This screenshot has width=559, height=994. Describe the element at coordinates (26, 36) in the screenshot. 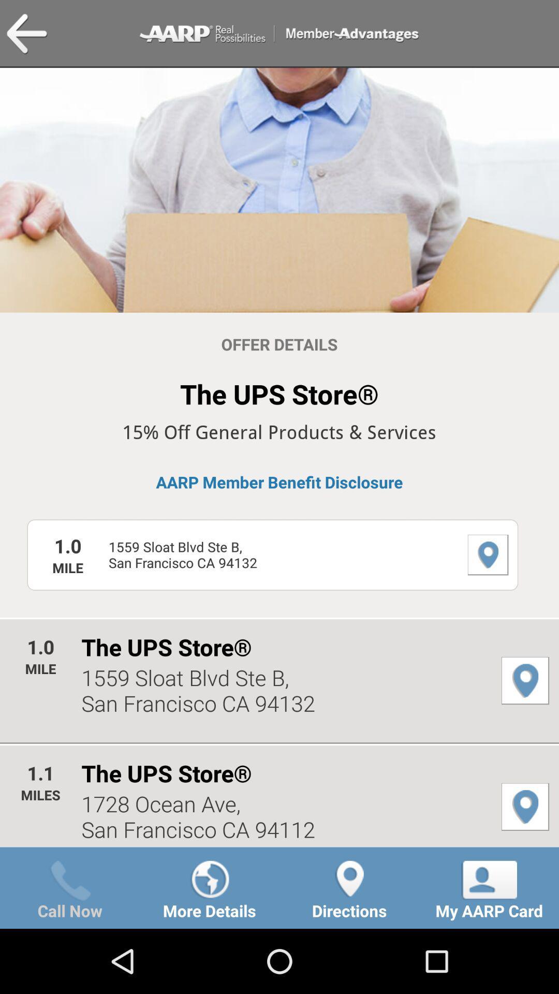

I see `the arrow_backward icon` at that location.